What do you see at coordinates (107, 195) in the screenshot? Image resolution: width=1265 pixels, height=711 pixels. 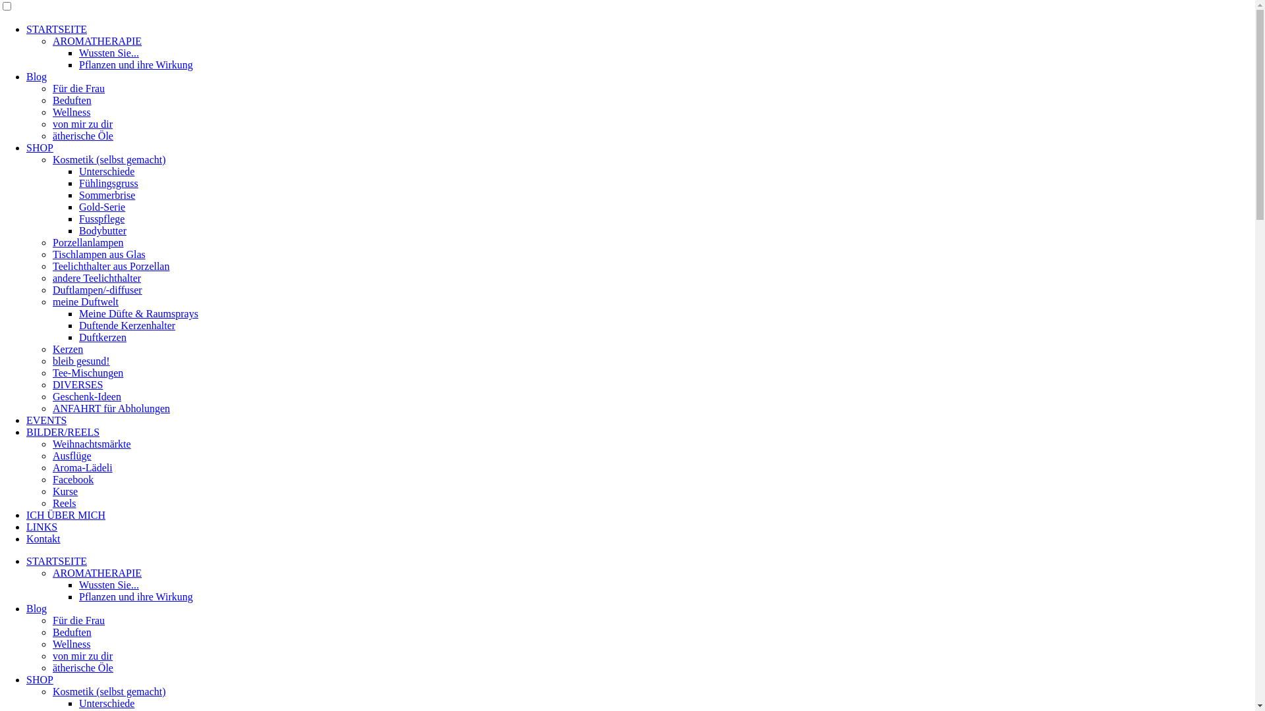 I see `'Sommerbrise'` at bounding box center [107, 195].